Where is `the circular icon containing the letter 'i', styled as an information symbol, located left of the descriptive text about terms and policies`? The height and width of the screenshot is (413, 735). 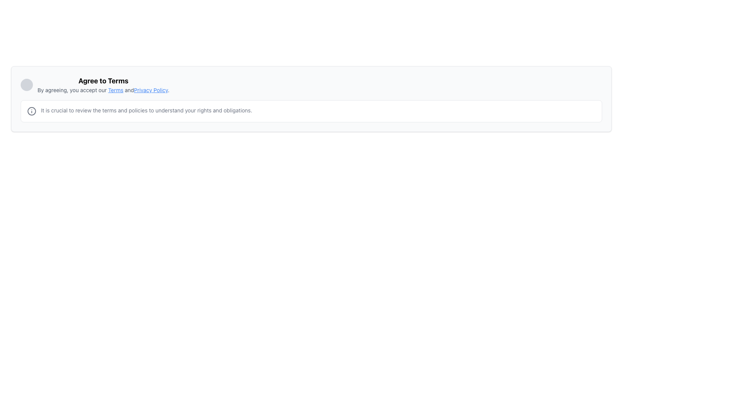
the circular icon containing the letter 'i', styled as an information symbol, located left of the descriptive text about terms and policies is located at coordinates (31, 111).